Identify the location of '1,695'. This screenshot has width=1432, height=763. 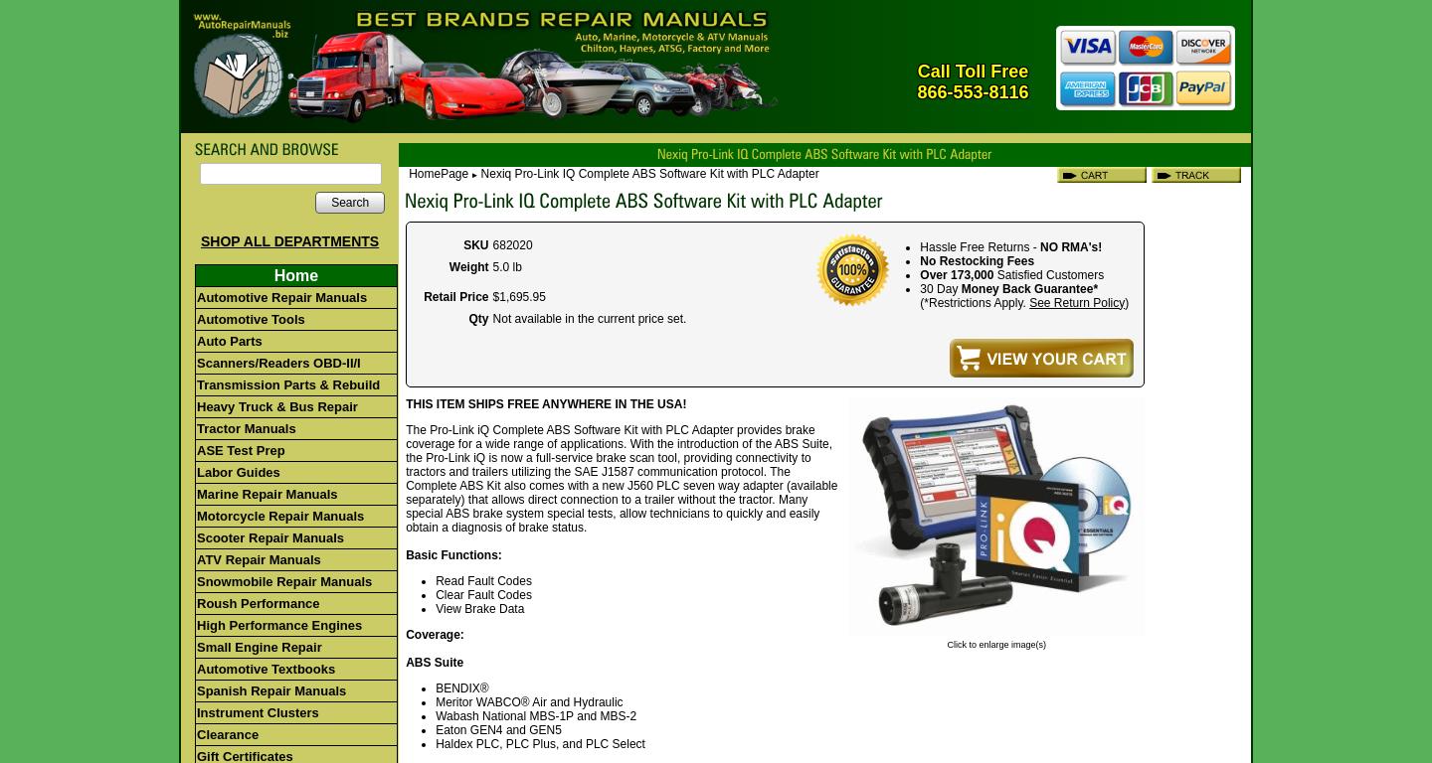
(512, 295).